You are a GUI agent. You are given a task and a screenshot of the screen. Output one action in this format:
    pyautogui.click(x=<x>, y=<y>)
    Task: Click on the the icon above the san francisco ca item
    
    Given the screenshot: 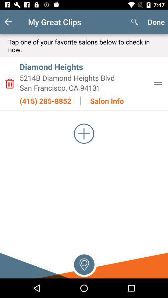 What is the action you would take?
    pyautogui.click(x=84, y=78)
    